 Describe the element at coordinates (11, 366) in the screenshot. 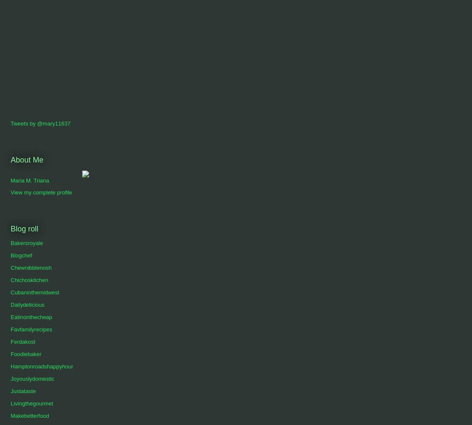

I see `'Hamptonroadshappyhour'` at that location.